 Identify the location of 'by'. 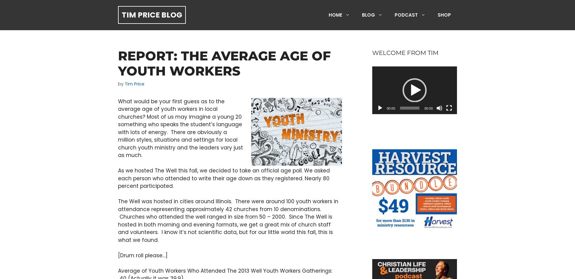
(118, 84).